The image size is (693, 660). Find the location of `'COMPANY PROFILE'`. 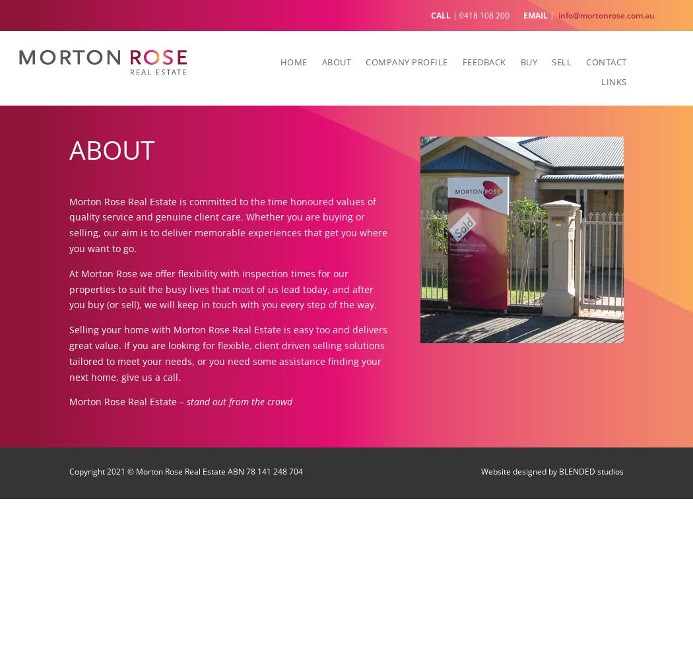

'COMPANY PROFILE' is located at coordinates (407, 61).